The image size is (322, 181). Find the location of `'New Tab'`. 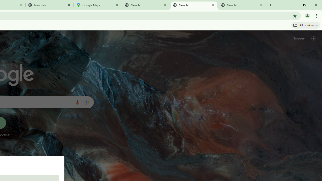

'New Tab' is located at coordinates (242, 5).